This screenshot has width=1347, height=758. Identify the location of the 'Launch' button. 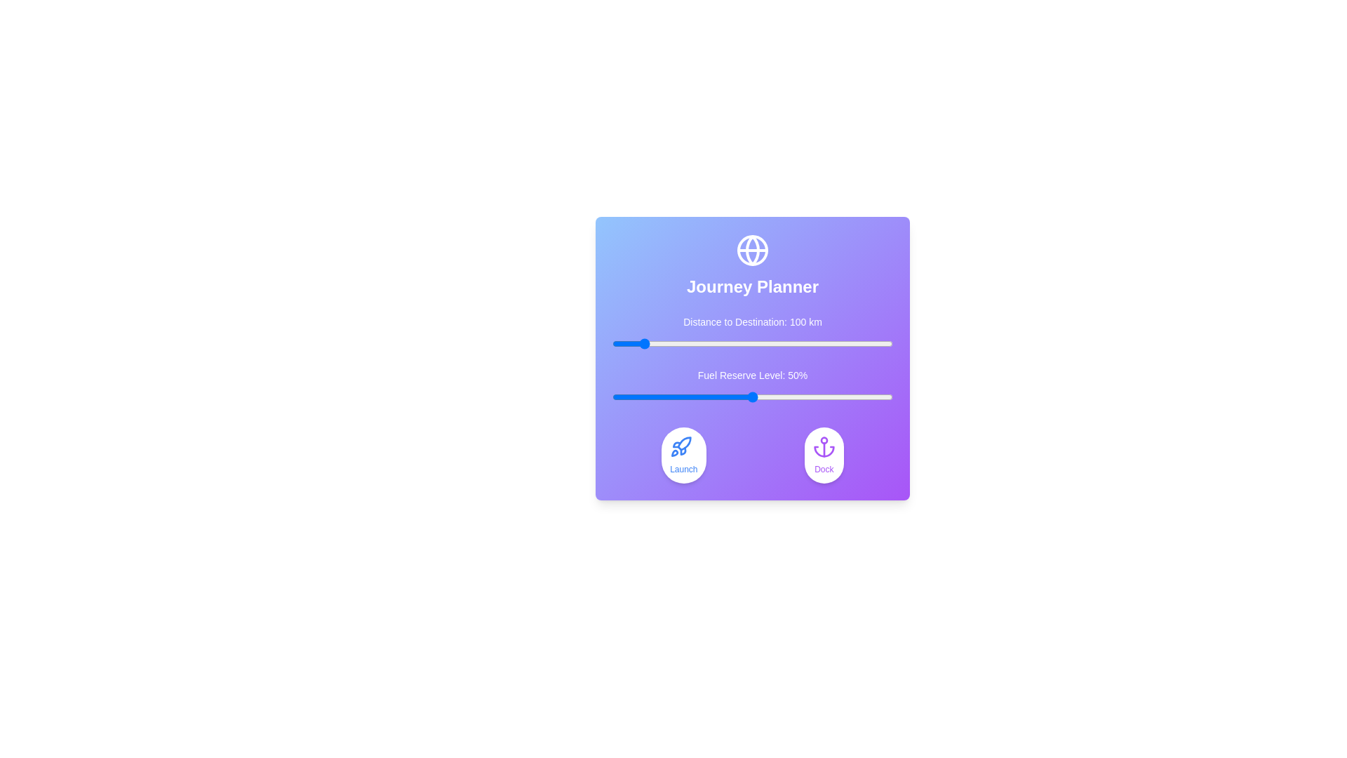
(683, 455).